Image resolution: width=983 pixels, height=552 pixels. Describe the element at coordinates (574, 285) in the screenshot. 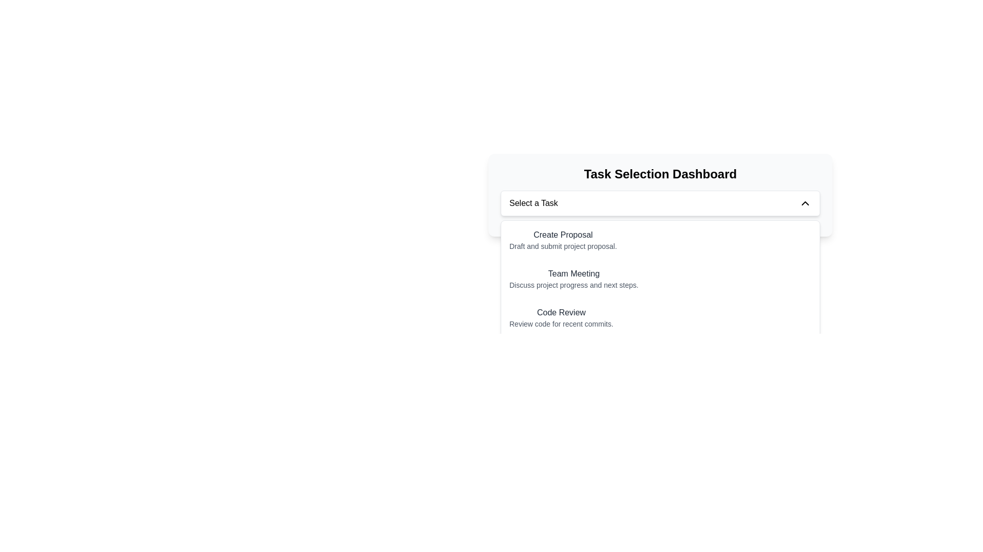

I see `the static text element that reads 'Discuss project progress and next steps.' which is located directly below the 'Team Meeting' header in the dropdown menu` at that location.